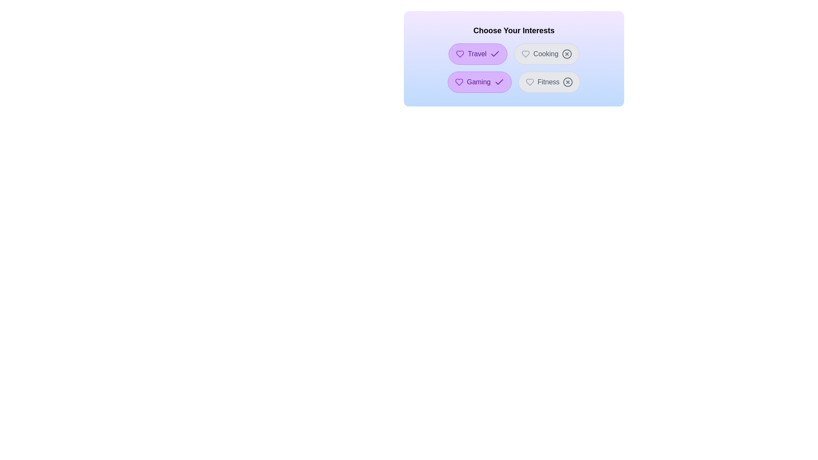 This screenshot has width=818, height=460. I want to click on the interest Gaming by clicking its button, so click(479, 82).